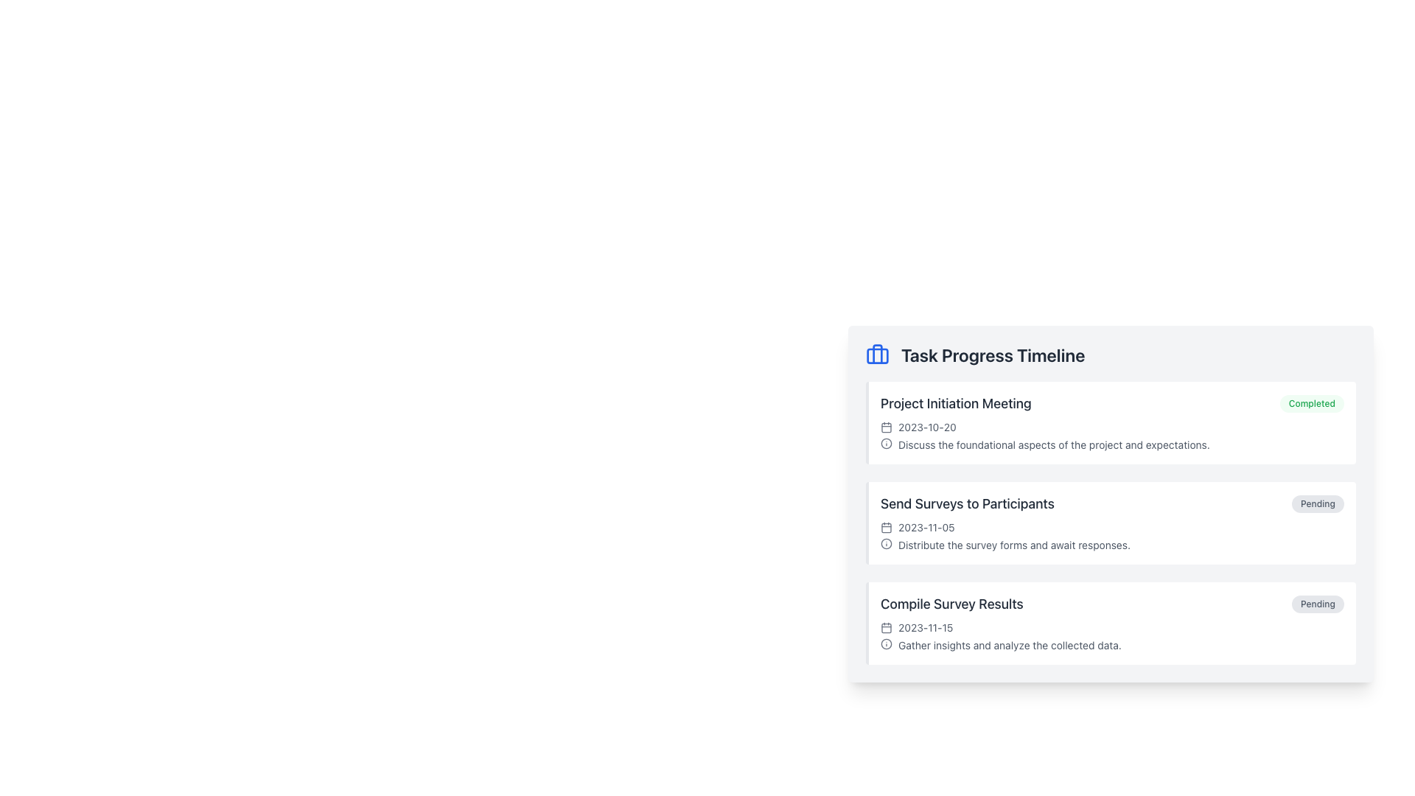 The width and height of the screenshot is (1415, 796). I want to click on the Informational Icon styled with a gray outline containing the letter 'i', located, so click(886, 543).